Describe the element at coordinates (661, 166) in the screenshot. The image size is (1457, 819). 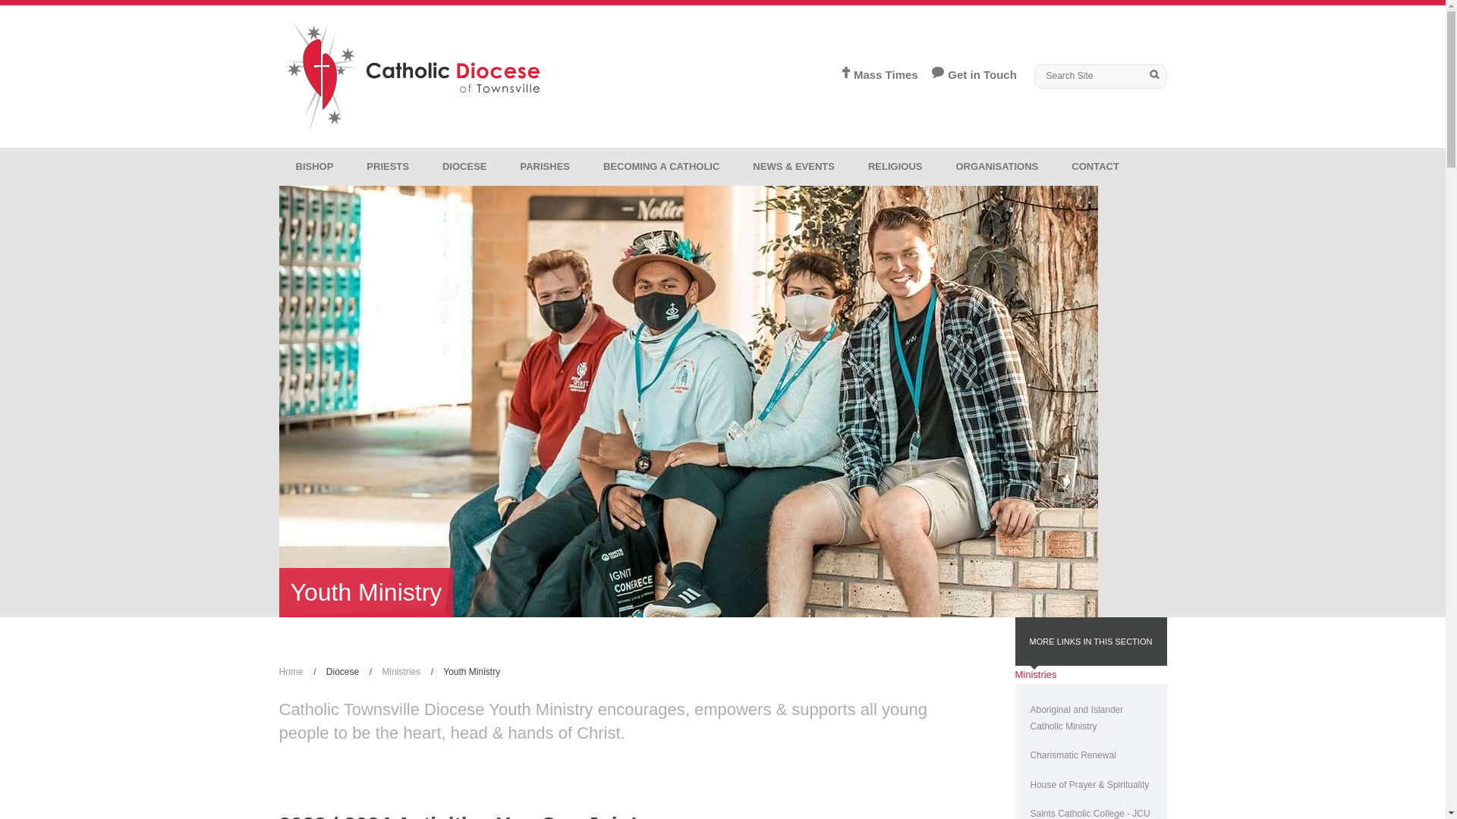
I see `'BECOMING A CATHOLIC'` at that location.